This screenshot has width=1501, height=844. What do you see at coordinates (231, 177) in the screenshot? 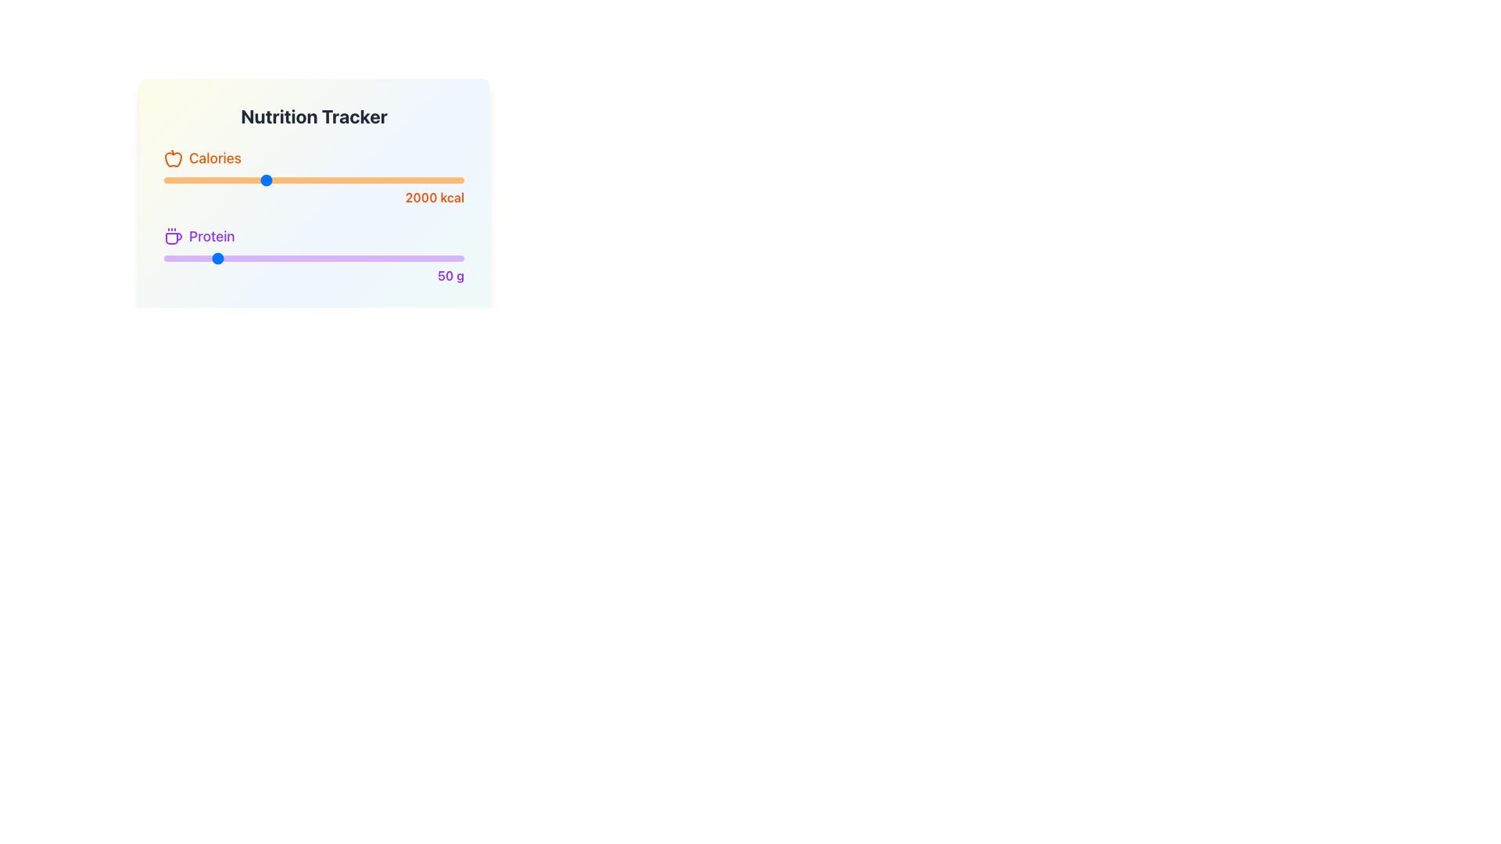
I see `calorie intake` at bounding box center [231, 177].